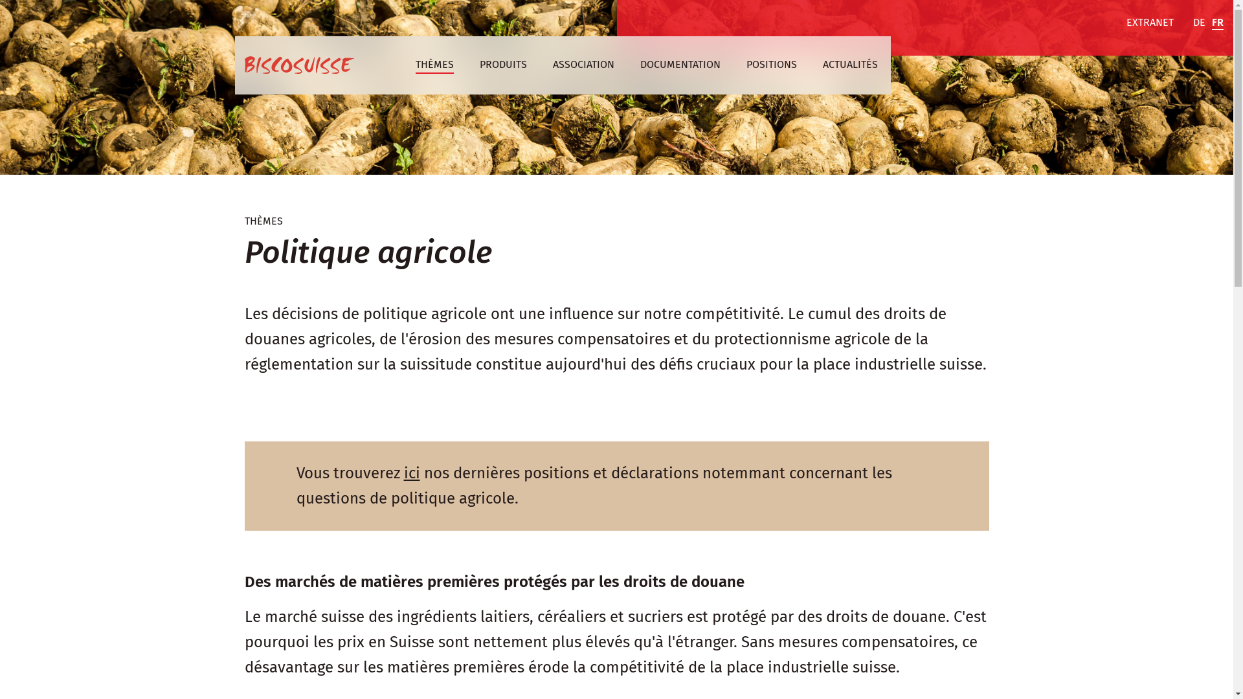 Image resolution: width=1243 pixels, height=699 pixels. Describe the element at coordinates (1150, 23) in the screenshot. I see `'EXTRANET'` at that location.